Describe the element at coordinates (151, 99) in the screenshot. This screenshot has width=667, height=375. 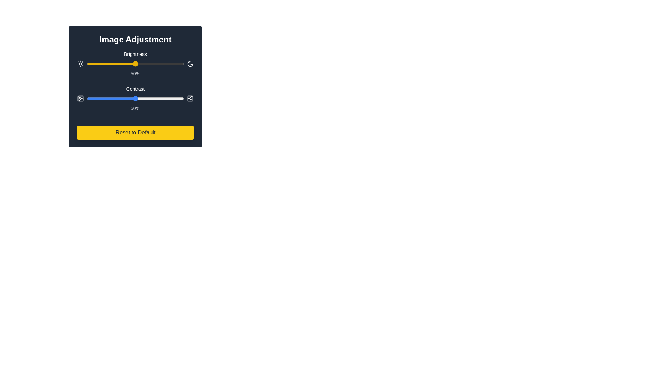
I see `the contrast level` at that location.